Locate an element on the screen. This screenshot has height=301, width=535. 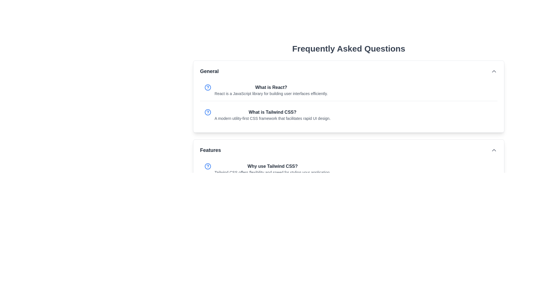
the Informational section in the 'General' category of the 'Frequently Asked Questions' layout is located at coordinates (348, 90).